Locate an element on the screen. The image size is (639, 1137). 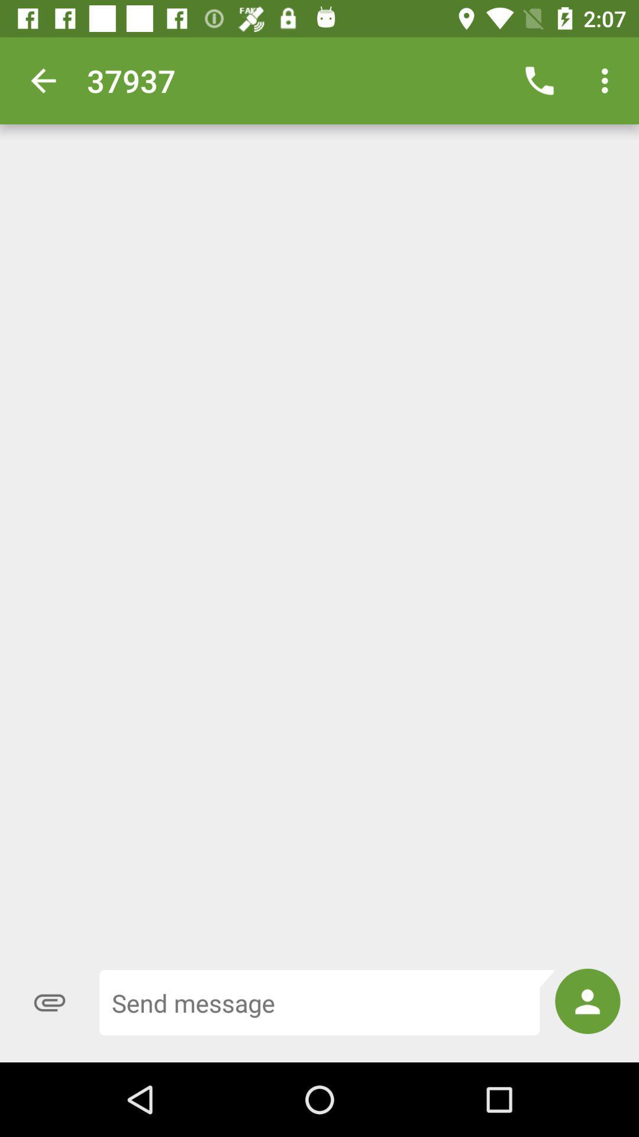
icon at the bottom left corner is located at coordinates (49, 1002).